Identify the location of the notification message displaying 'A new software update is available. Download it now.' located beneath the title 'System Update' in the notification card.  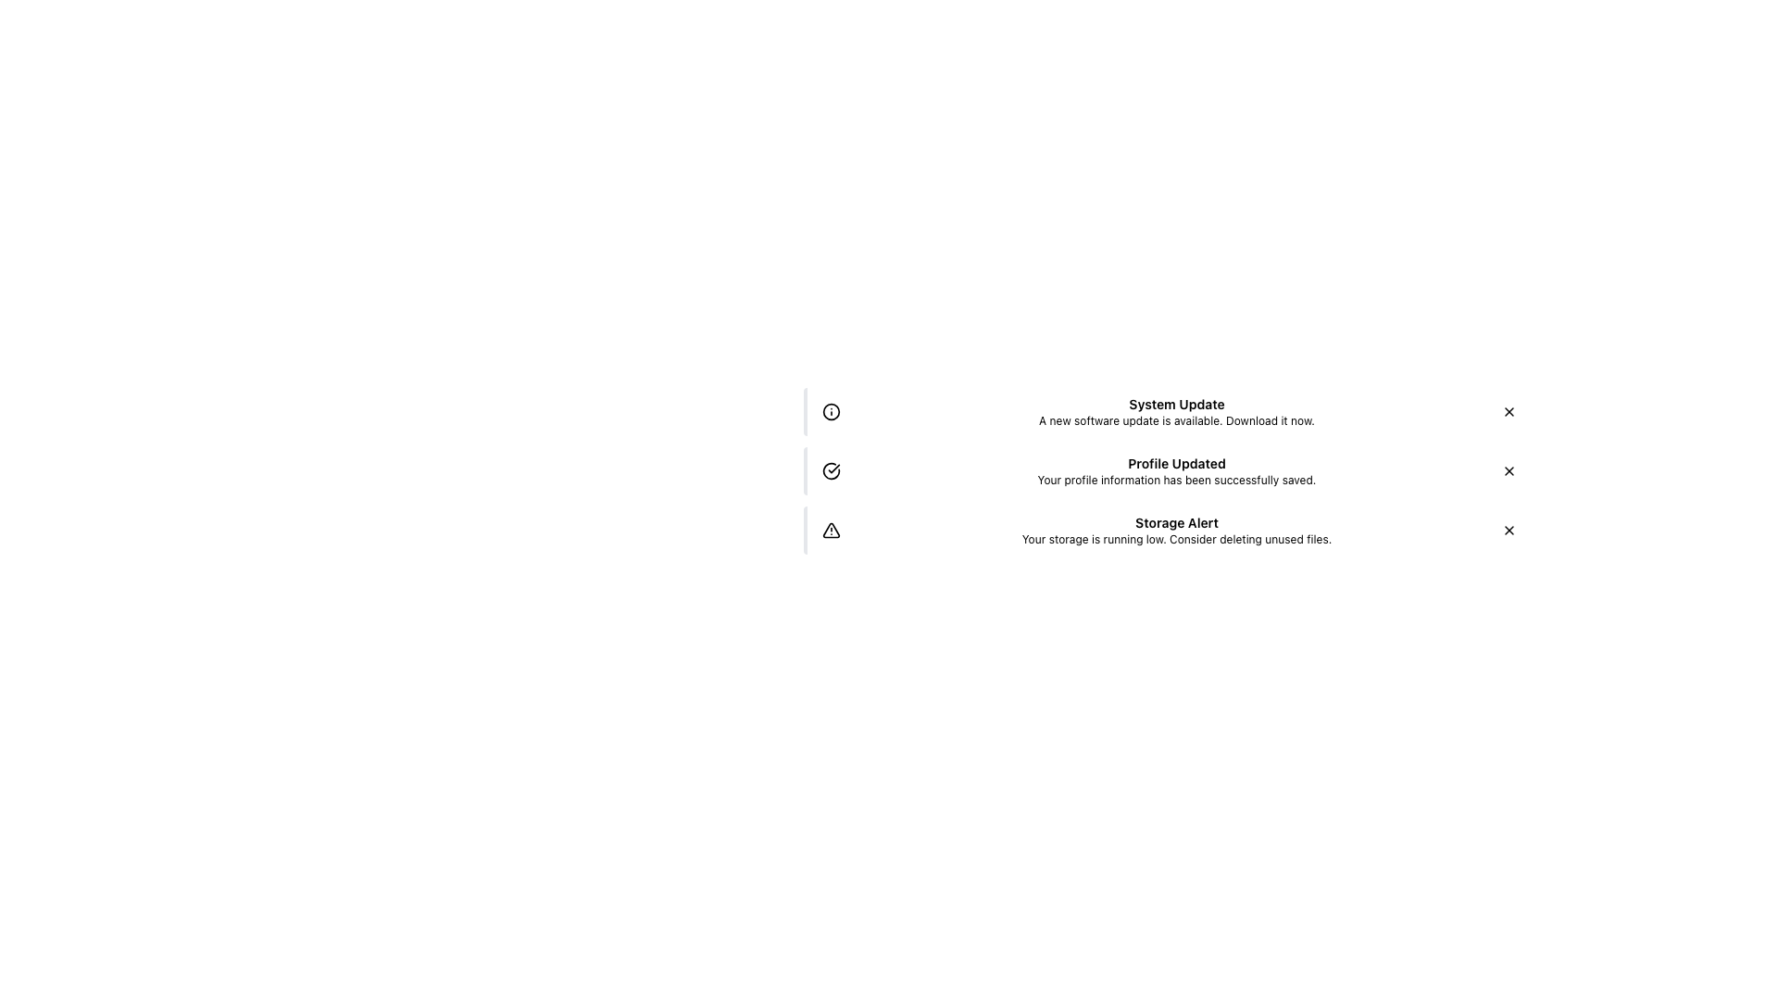
(1176, 421).